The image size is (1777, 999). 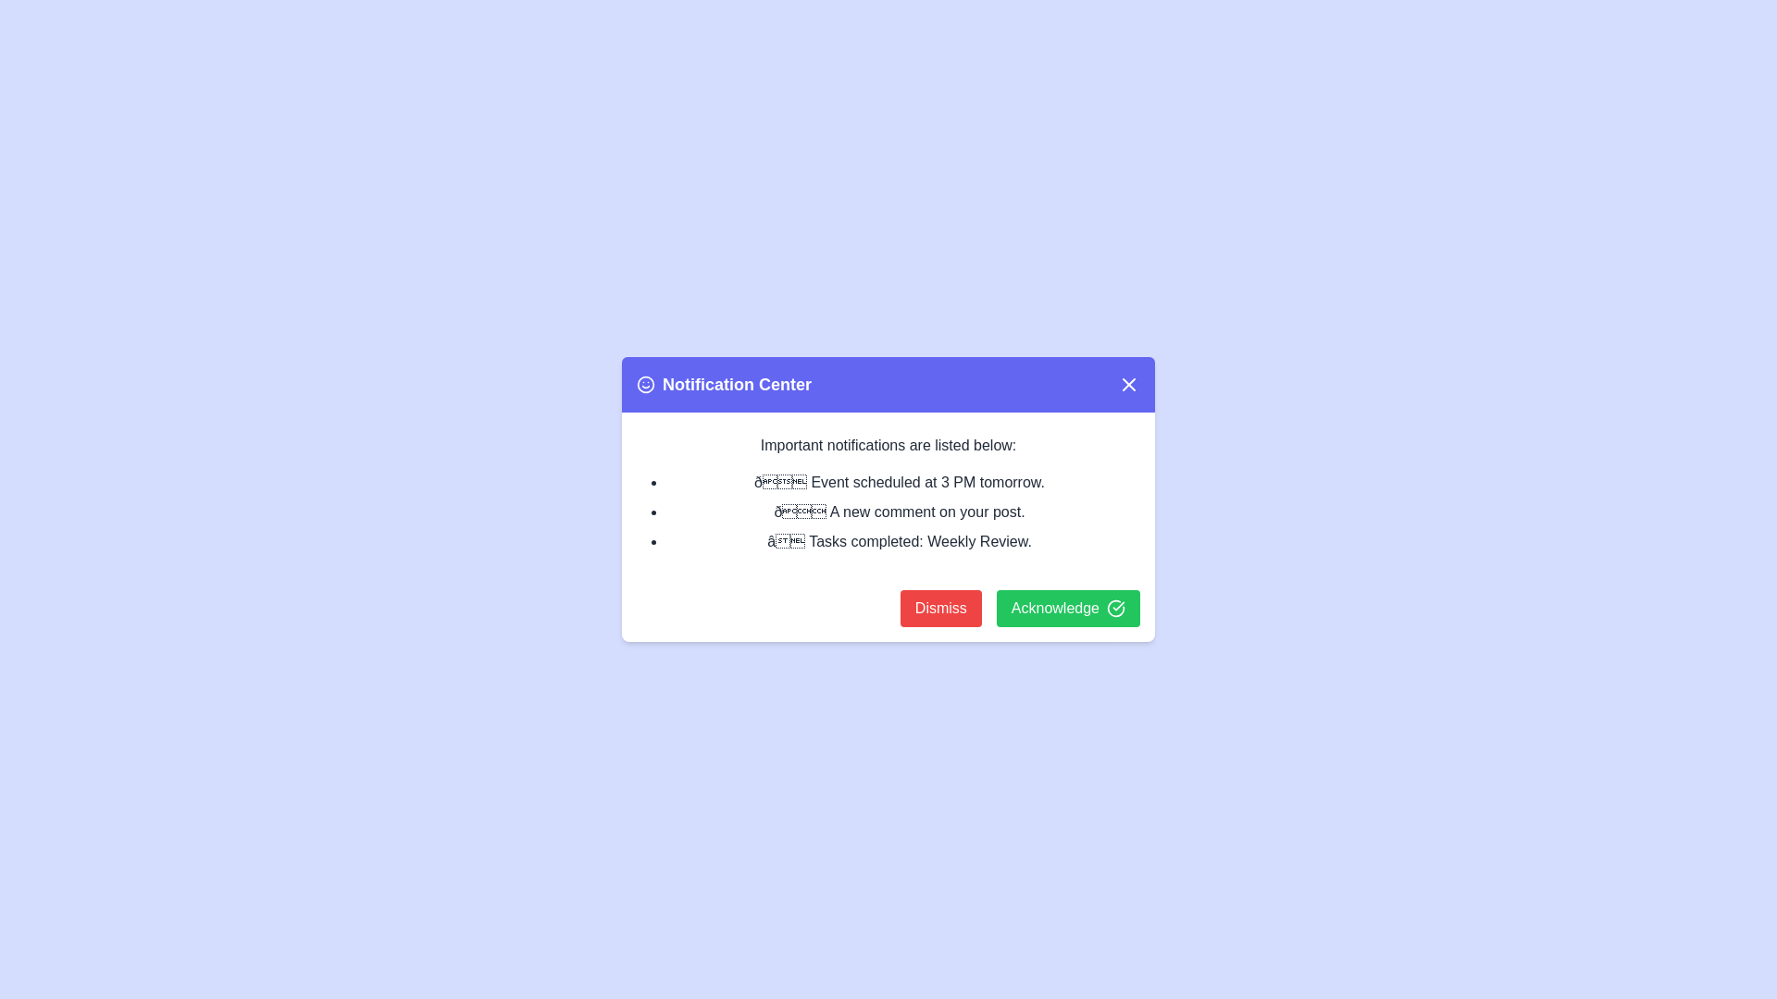 What do you see at coordinates (940, 609) in the screenshot?
I see `the Dismiss button to perform the associated action` at bounding box center [940, 609].